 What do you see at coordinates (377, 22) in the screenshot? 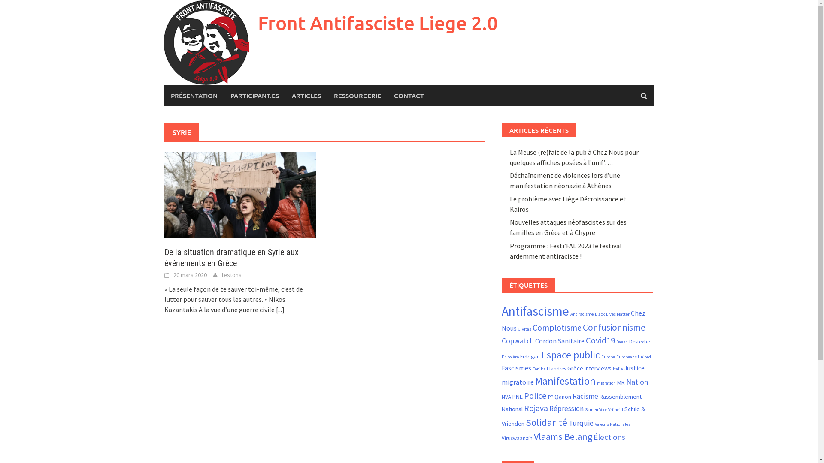
I see `'Front Antifasciste Liege 2.0'` at bounding box center [377, 22].